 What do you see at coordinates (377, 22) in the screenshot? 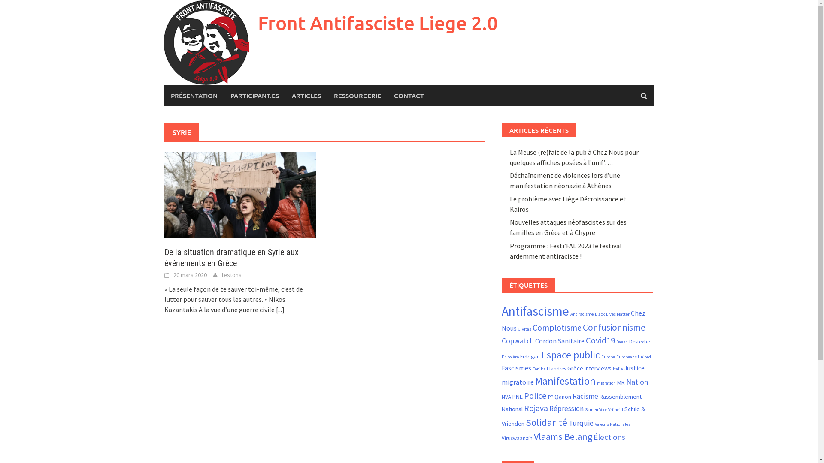
I see `'Front Antifasciste Liege 2.0'` at bounding box center [377, 22].